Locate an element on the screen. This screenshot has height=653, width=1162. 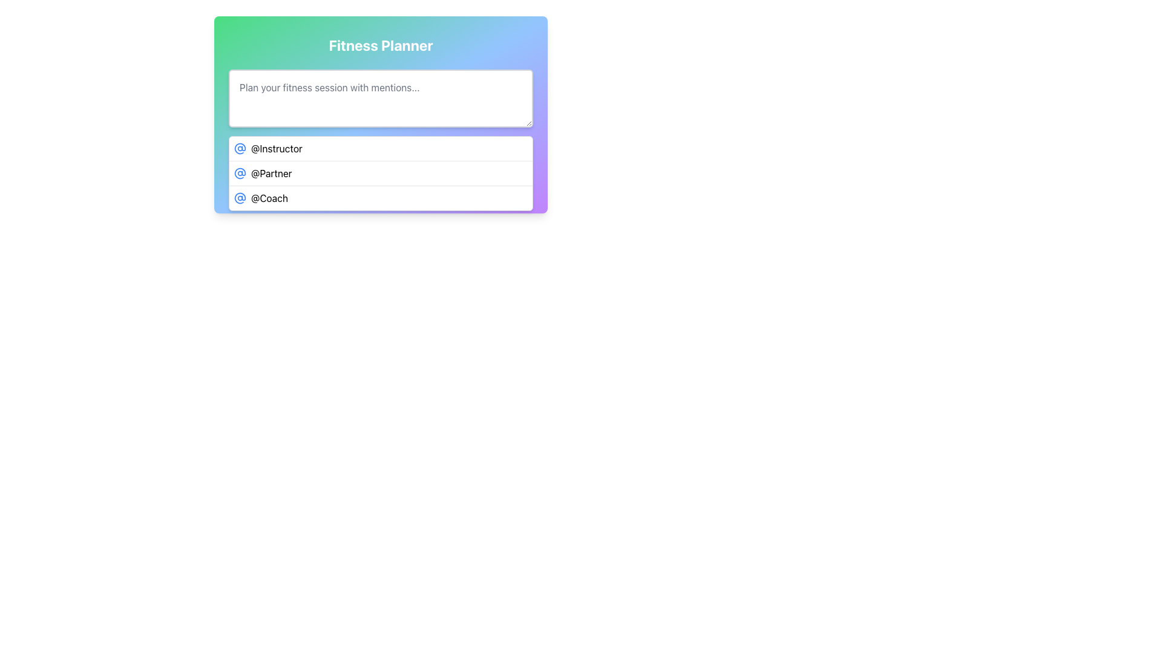
the SVG Icon representing the '@Coach' mention, located in the third row under 'Fitness Planner', to the left of the text '@Coach' is located at coordinates (240, 197).